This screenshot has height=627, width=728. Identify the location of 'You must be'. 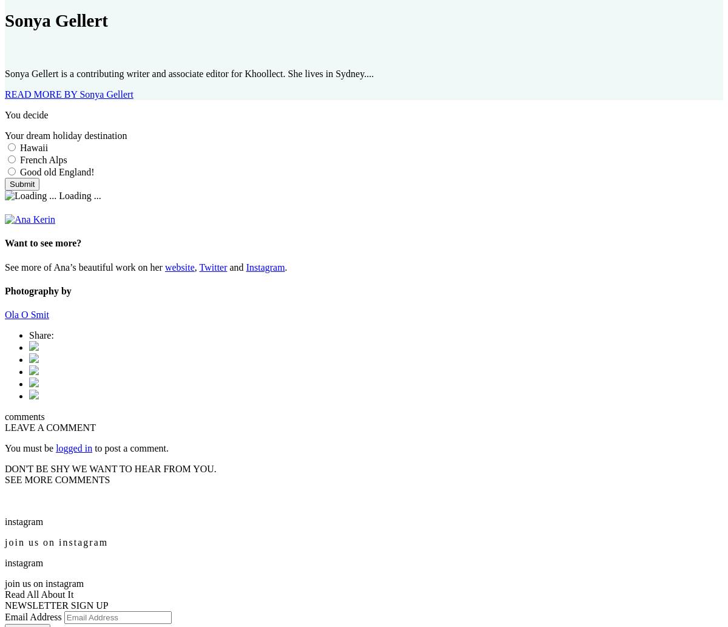
(30, 448).